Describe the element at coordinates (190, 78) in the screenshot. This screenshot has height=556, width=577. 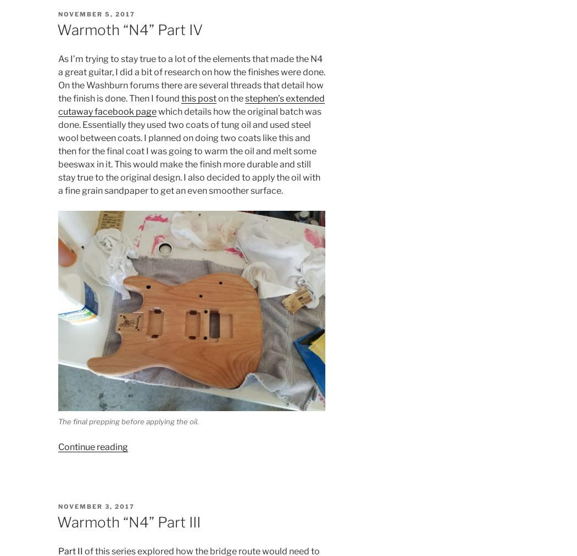
I see `'As I’m trying to stay true to a lot of the elements that made the N4 a great guitar, I did a bit of research on how the finishes were done. On the Washburn forums there are several threads that detail how the finish is done. Then I found'` at that location.